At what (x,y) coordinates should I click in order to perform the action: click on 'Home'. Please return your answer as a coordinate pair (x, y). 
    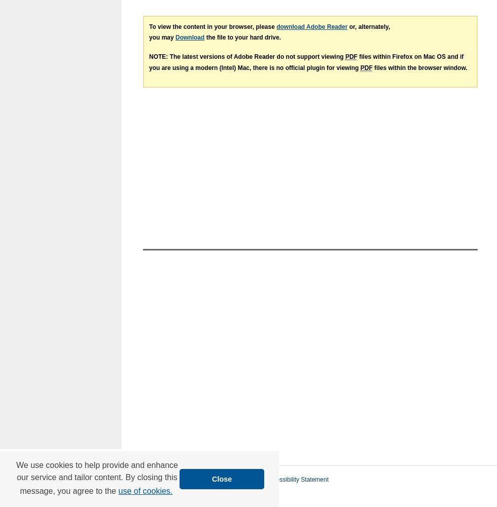
    Looking at the image, I should click on (138, 479).